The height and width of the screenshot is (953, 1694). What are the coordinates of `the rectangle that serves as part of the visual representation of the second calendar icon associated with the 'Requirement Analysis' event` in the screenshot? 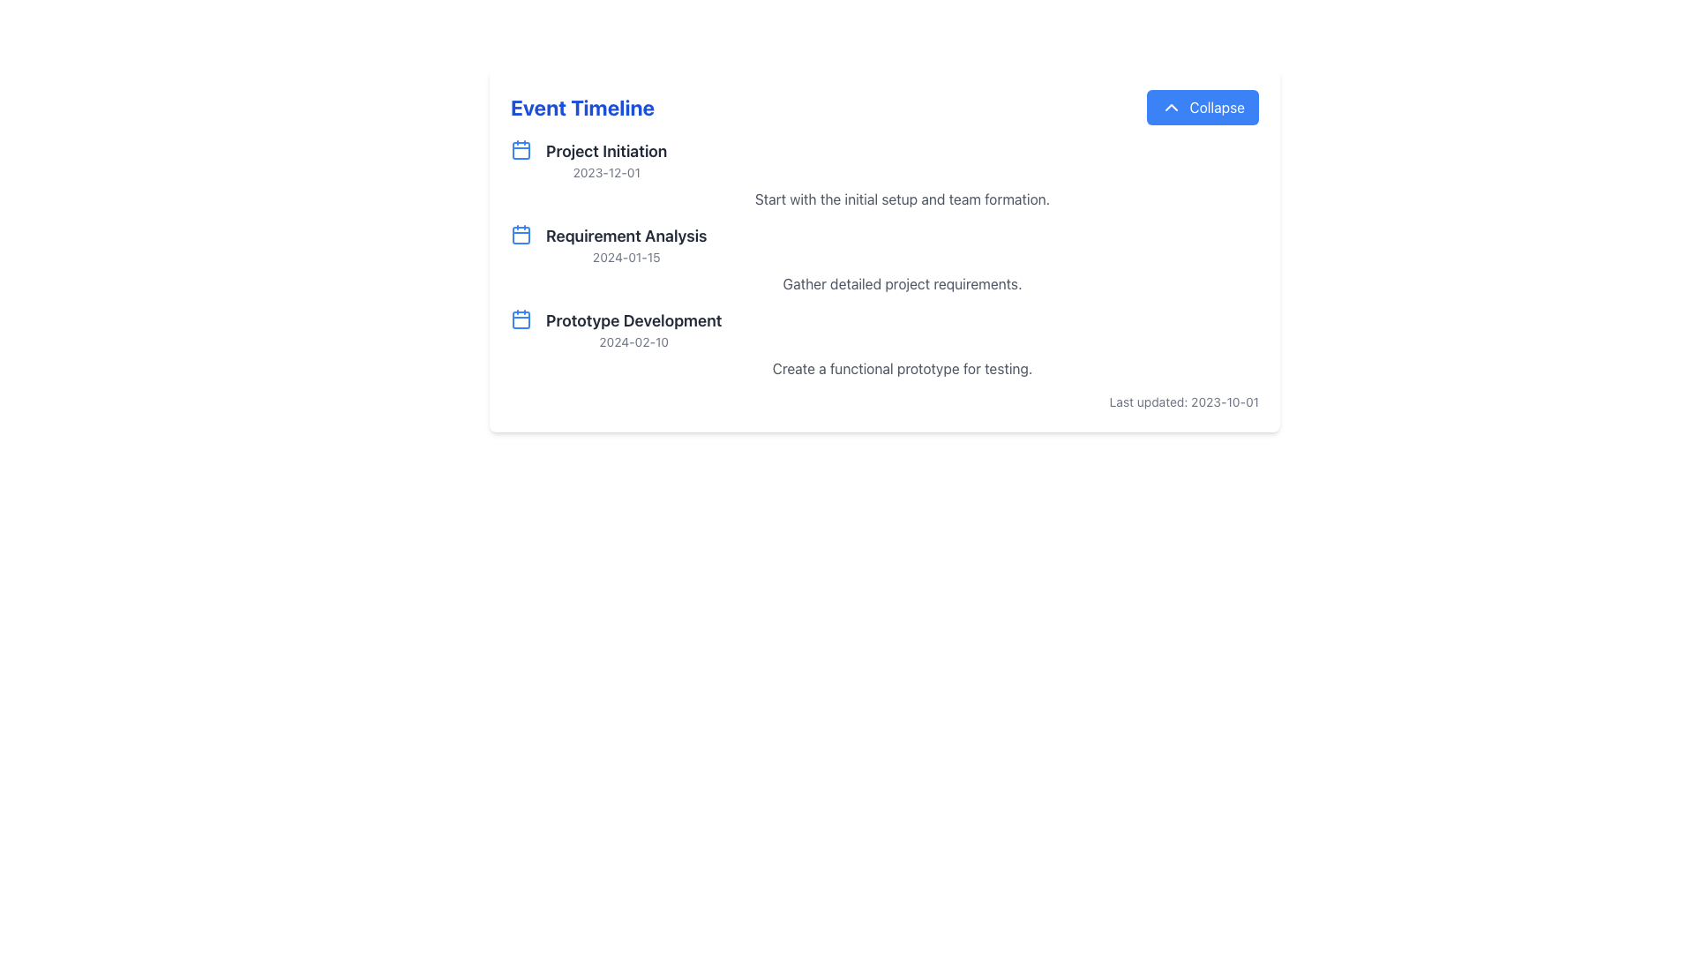 It's located at (520, 234).